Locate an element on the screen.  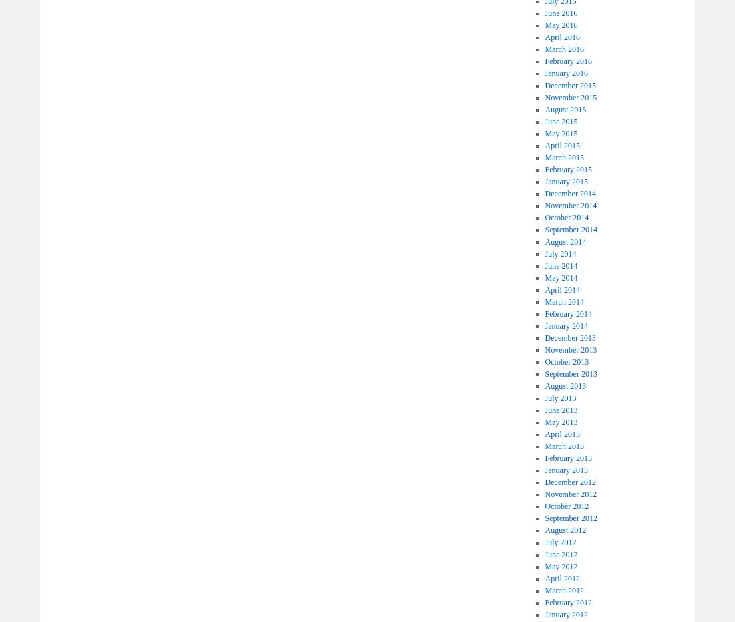
'April 2012' is located at coordinates (544, 579).